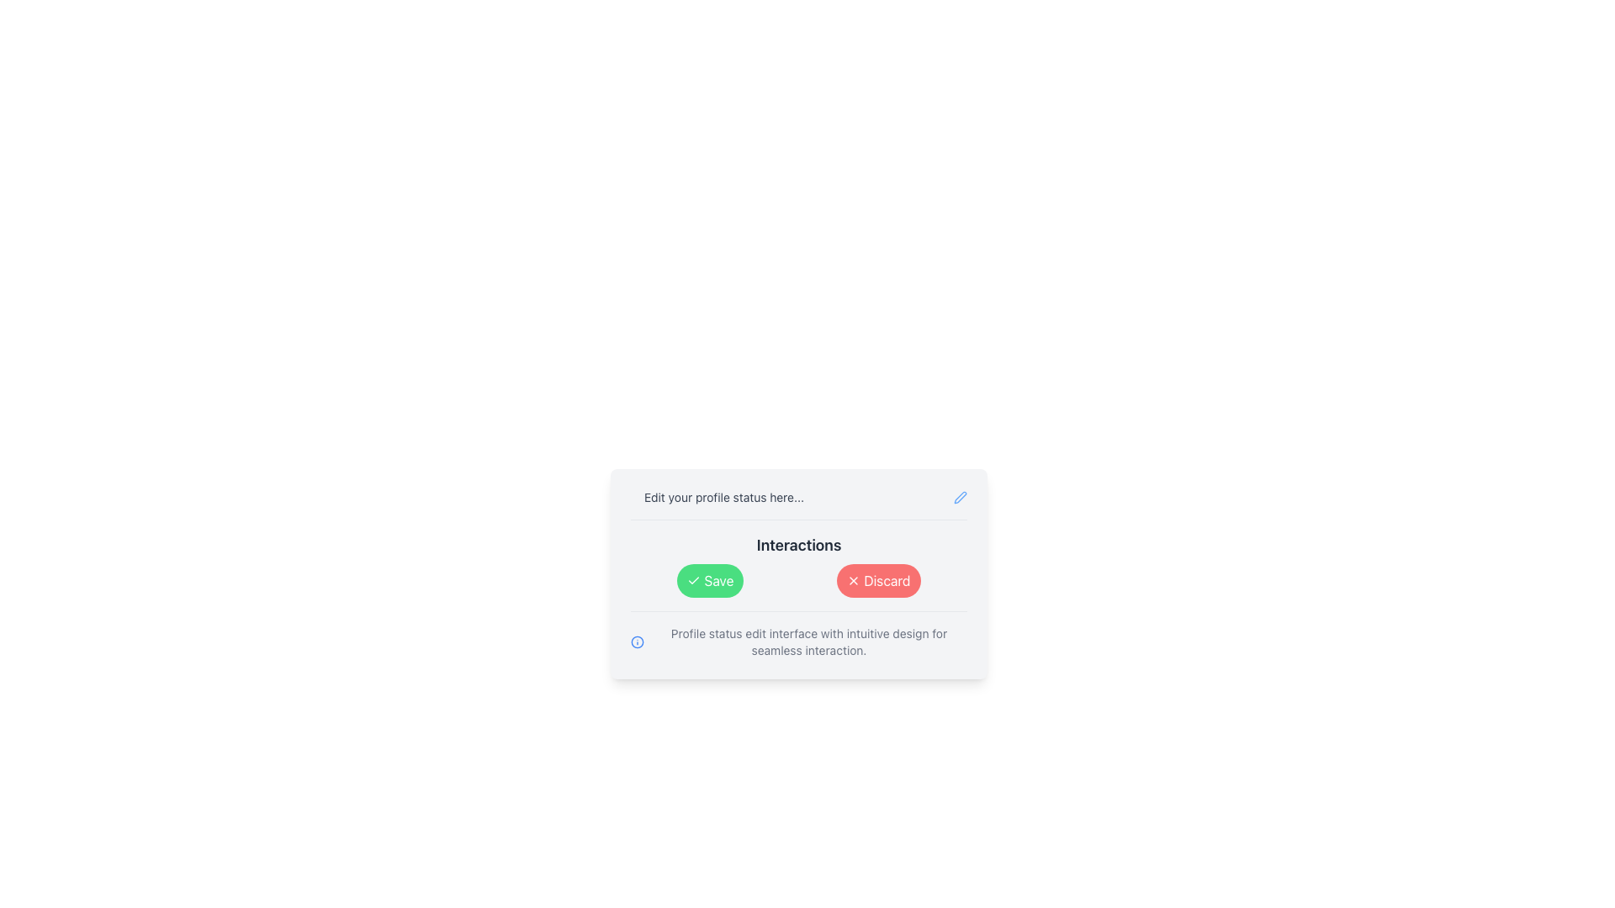 The height and width of the screenshot is (908, 1615). What do you see at coordinates (710, 579) in the screenshot?
I see `the green 'Save' button with rounded edges and a white label featuring a checkmark icon` at bounding box center [710, 579].